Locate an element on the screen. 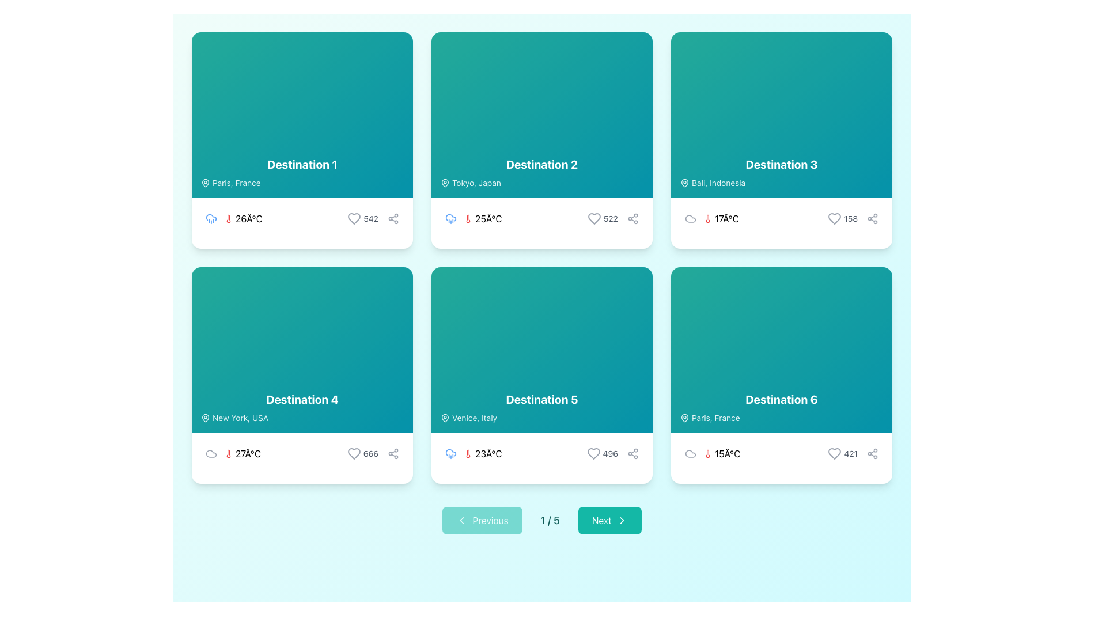  the text label displaying 'Bali, Indonesia' located within the card labeled 'Destination 3', positioned below the destination name and adjacent to a location pin icon is located at coordinates (718, 182).